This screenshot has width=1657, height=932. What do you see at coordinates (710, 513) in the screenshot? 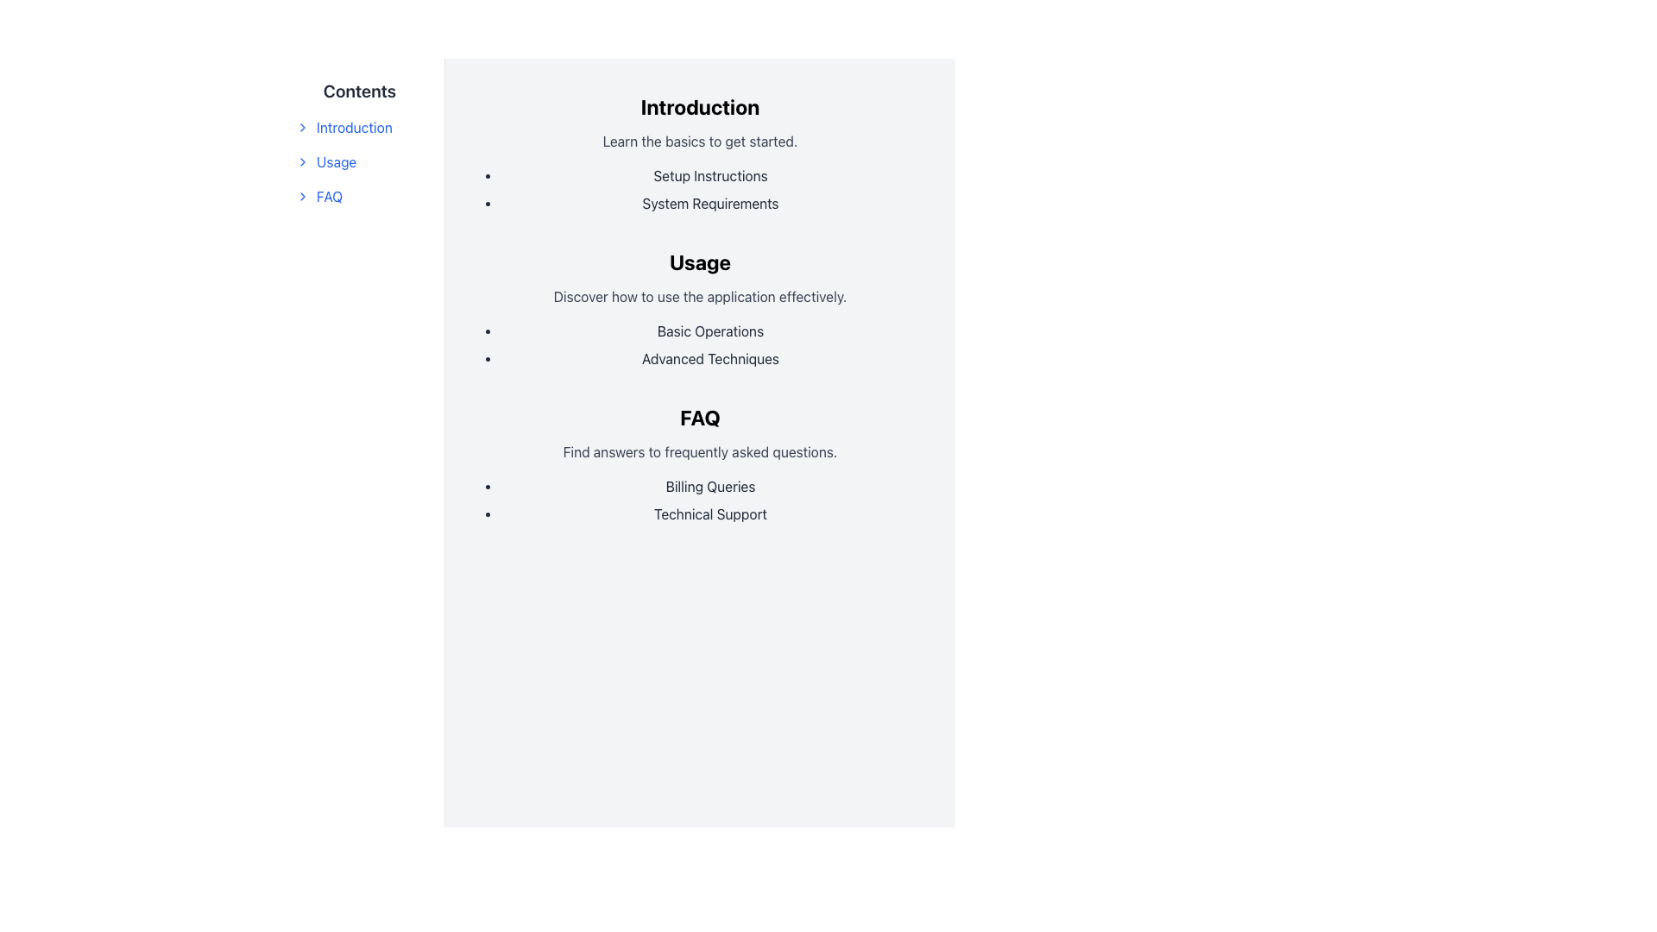
I see `the 'Technical Support' text label, which is the second item in the FAQ list styled in dark gray on a light gray background` at bounding box center [710, 513].